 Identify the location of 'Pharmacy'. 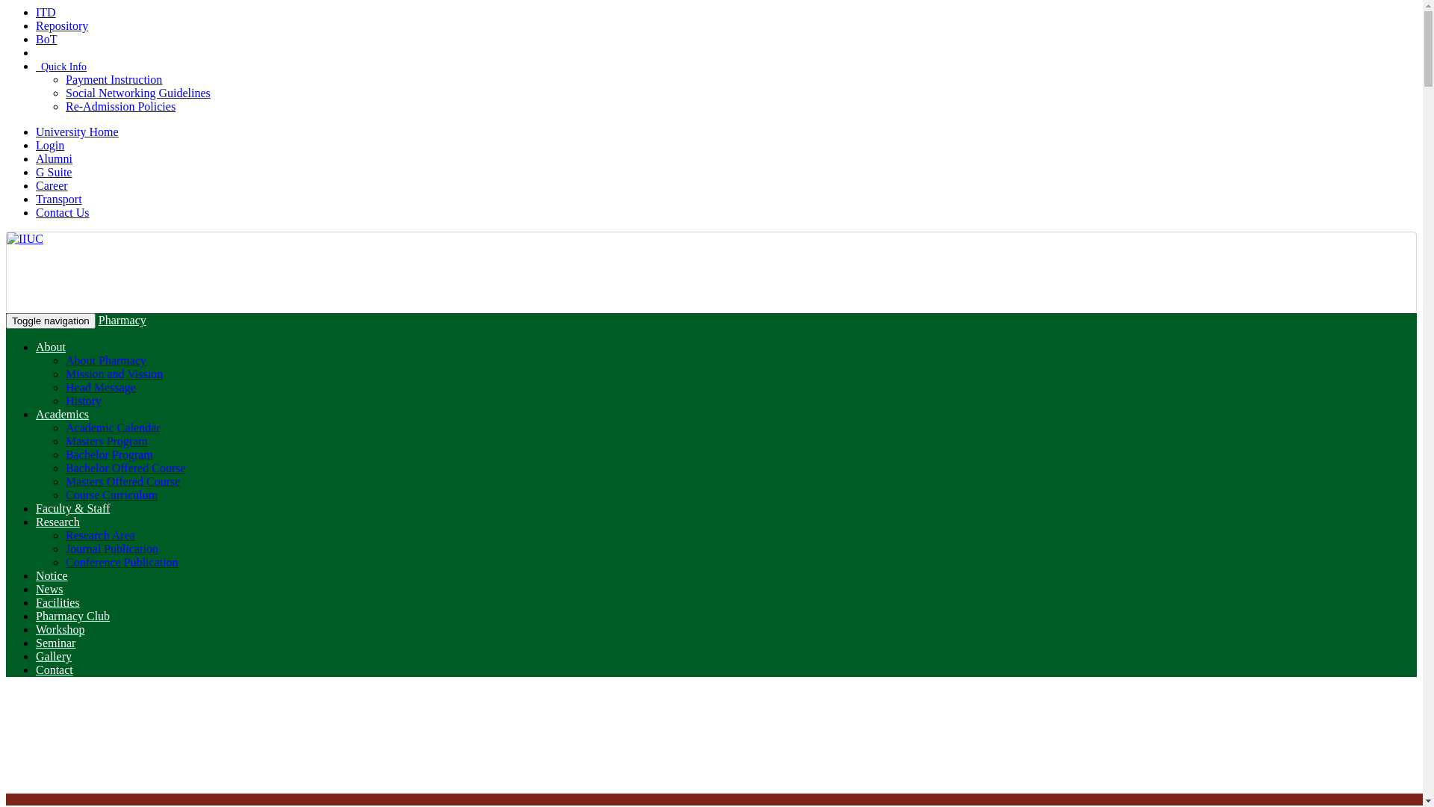
(122, 319).